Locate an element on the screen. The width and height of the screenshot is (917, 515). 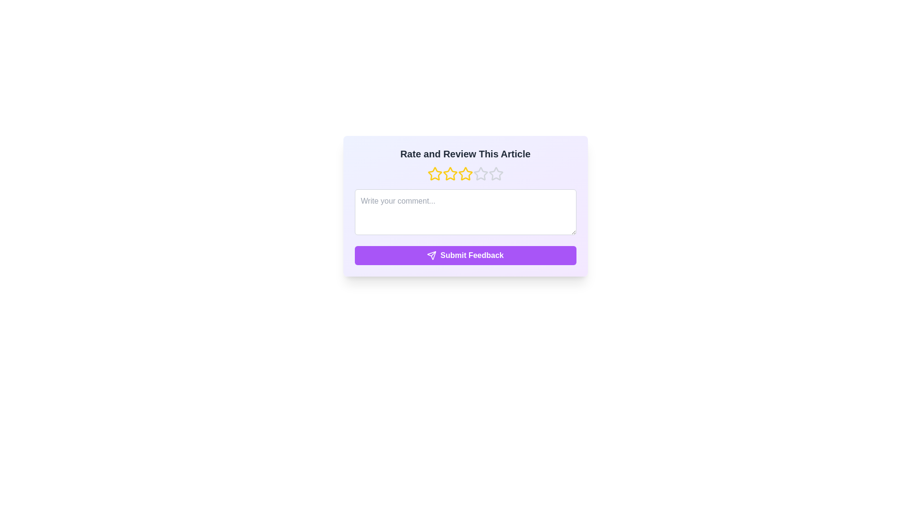
the rating to 5 stars by clicking on the corresponding star is located at coordinates (495, 174).